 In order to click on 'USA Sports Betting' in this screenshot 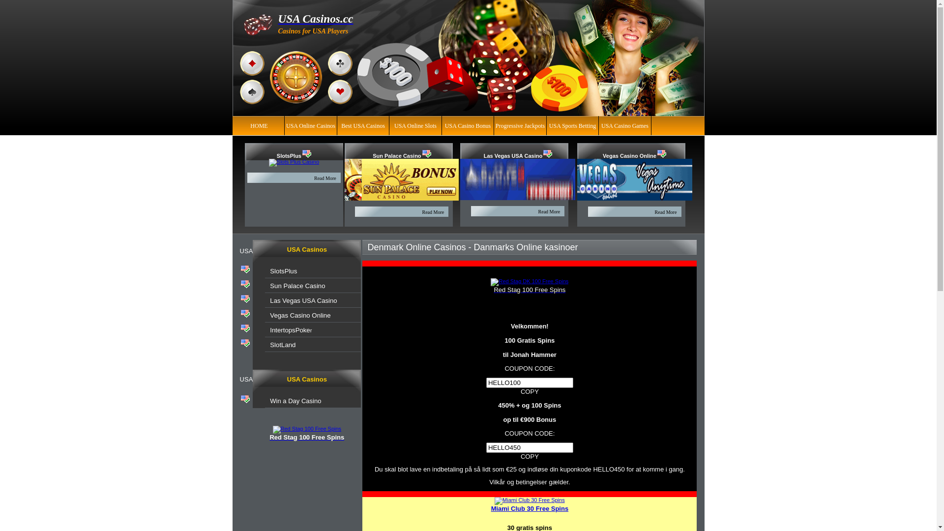, I will do `click(572, 124)`.